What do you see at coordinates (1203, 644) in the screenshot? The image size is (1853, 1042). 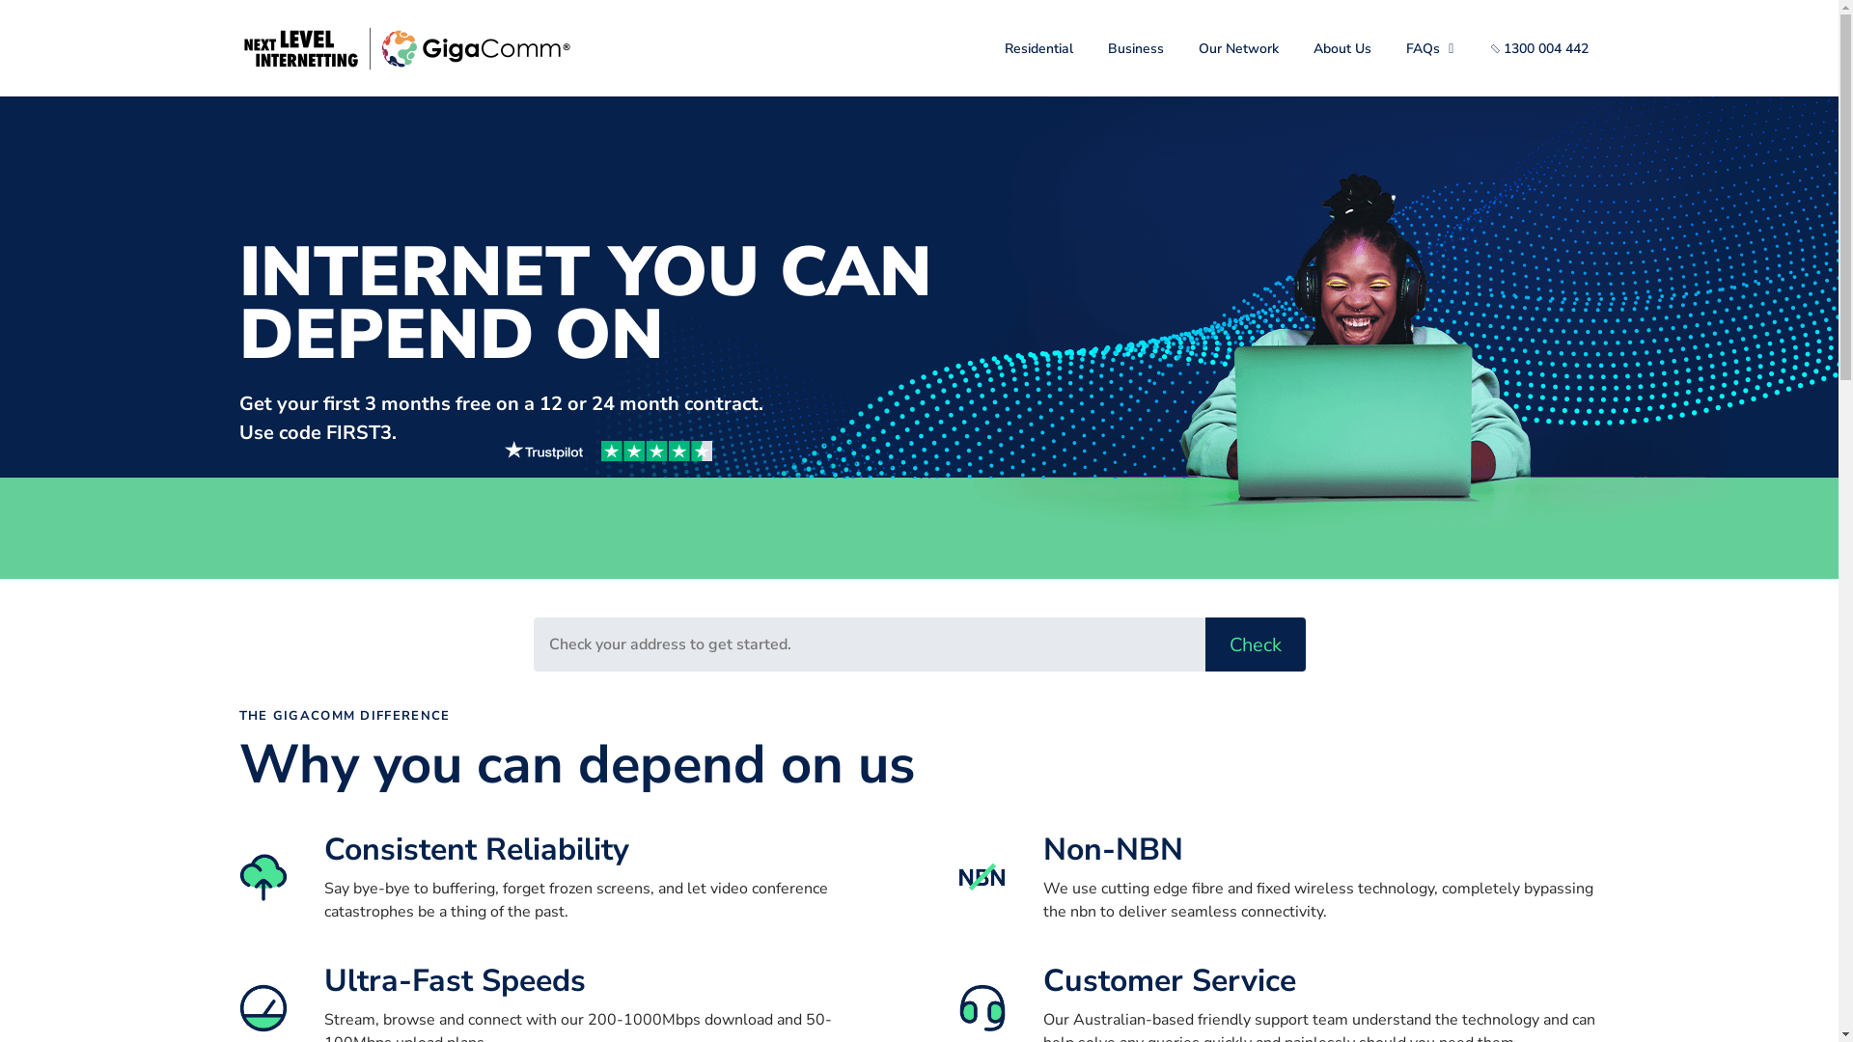 I see `'Check'` at bounding box center [1203, 644].